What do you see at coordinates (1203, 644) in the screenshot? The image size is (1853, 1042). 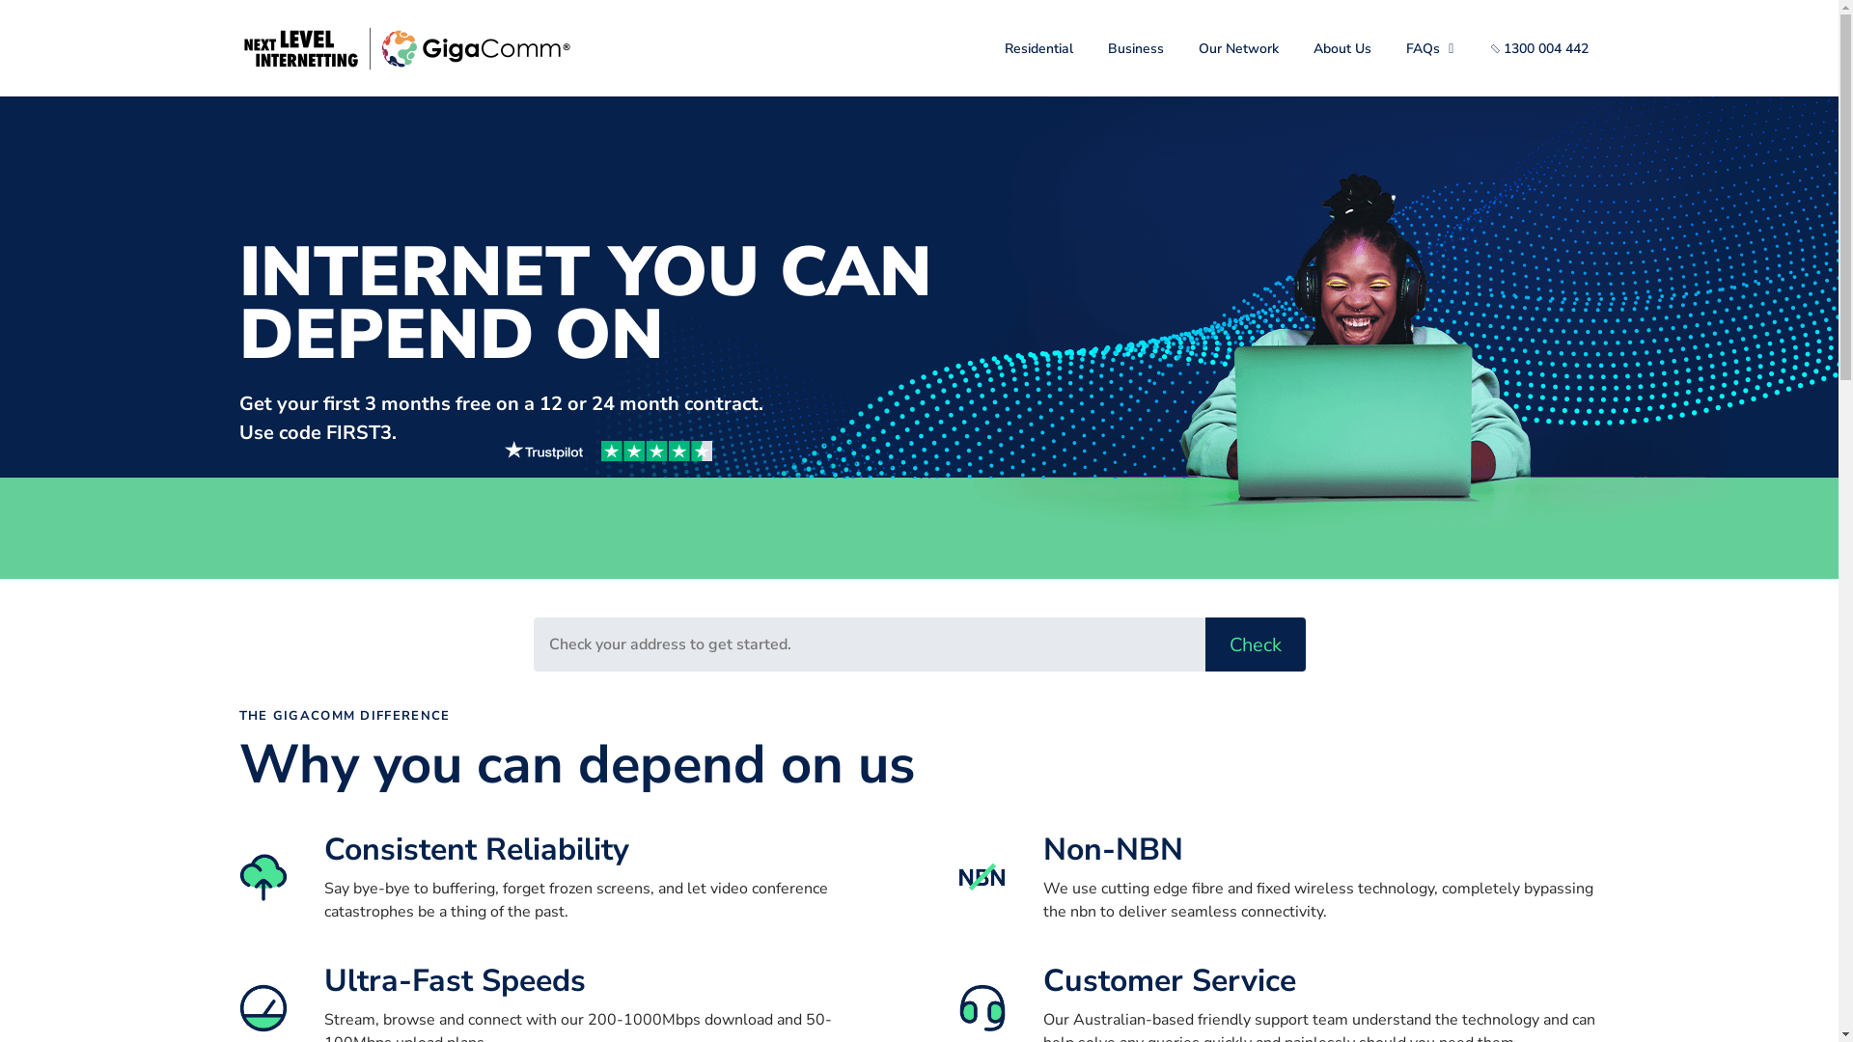 I see `'Check'` at bounding box center [1203, 644].